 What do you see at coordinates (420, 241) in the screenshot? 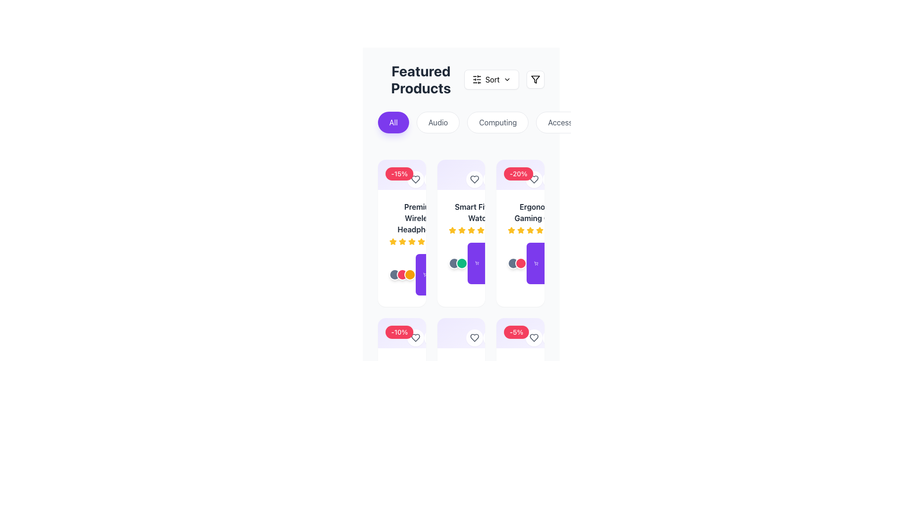
I see `the filled star icon representing the rating for the second product in the first row of the product grid` at bounding box center [420, 241].